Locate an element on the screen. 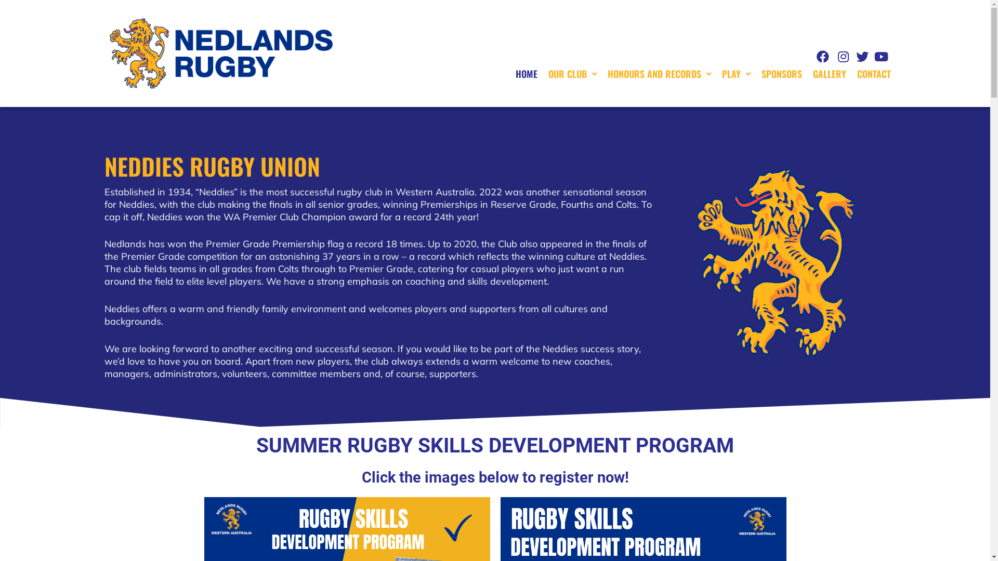  'CONTACT' is located at coordinates (873, 73).